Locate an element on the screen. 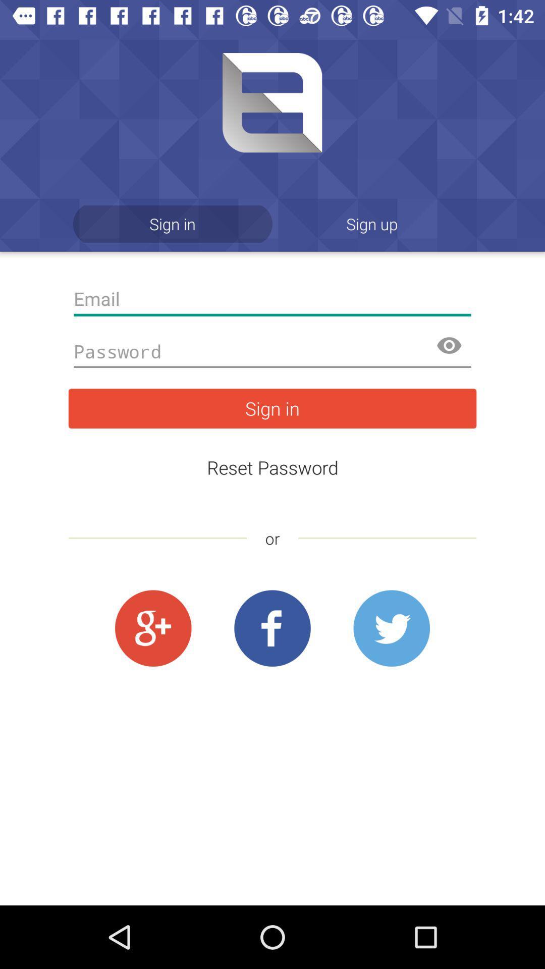 The height and width of the screenshot is (969, 545). sign in is located at coordinates (272, 408).